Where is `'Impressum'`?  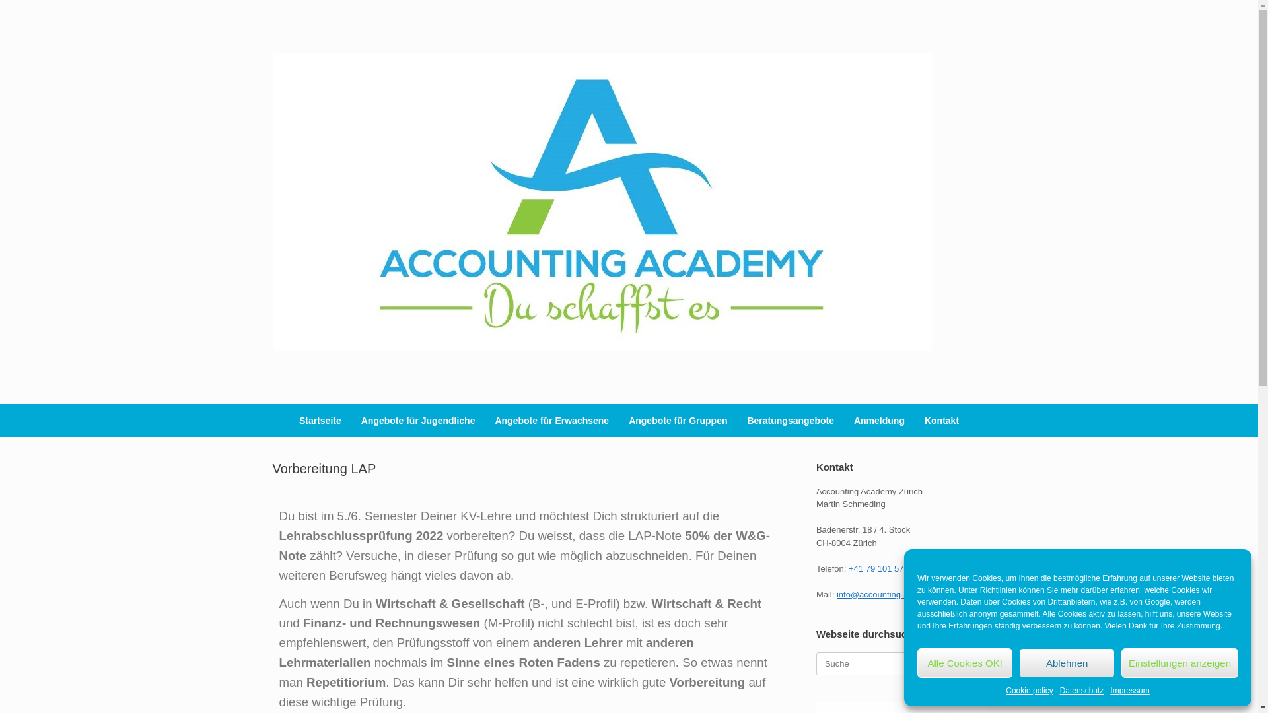 'Impressum' is located at coordinates (1129, 689).